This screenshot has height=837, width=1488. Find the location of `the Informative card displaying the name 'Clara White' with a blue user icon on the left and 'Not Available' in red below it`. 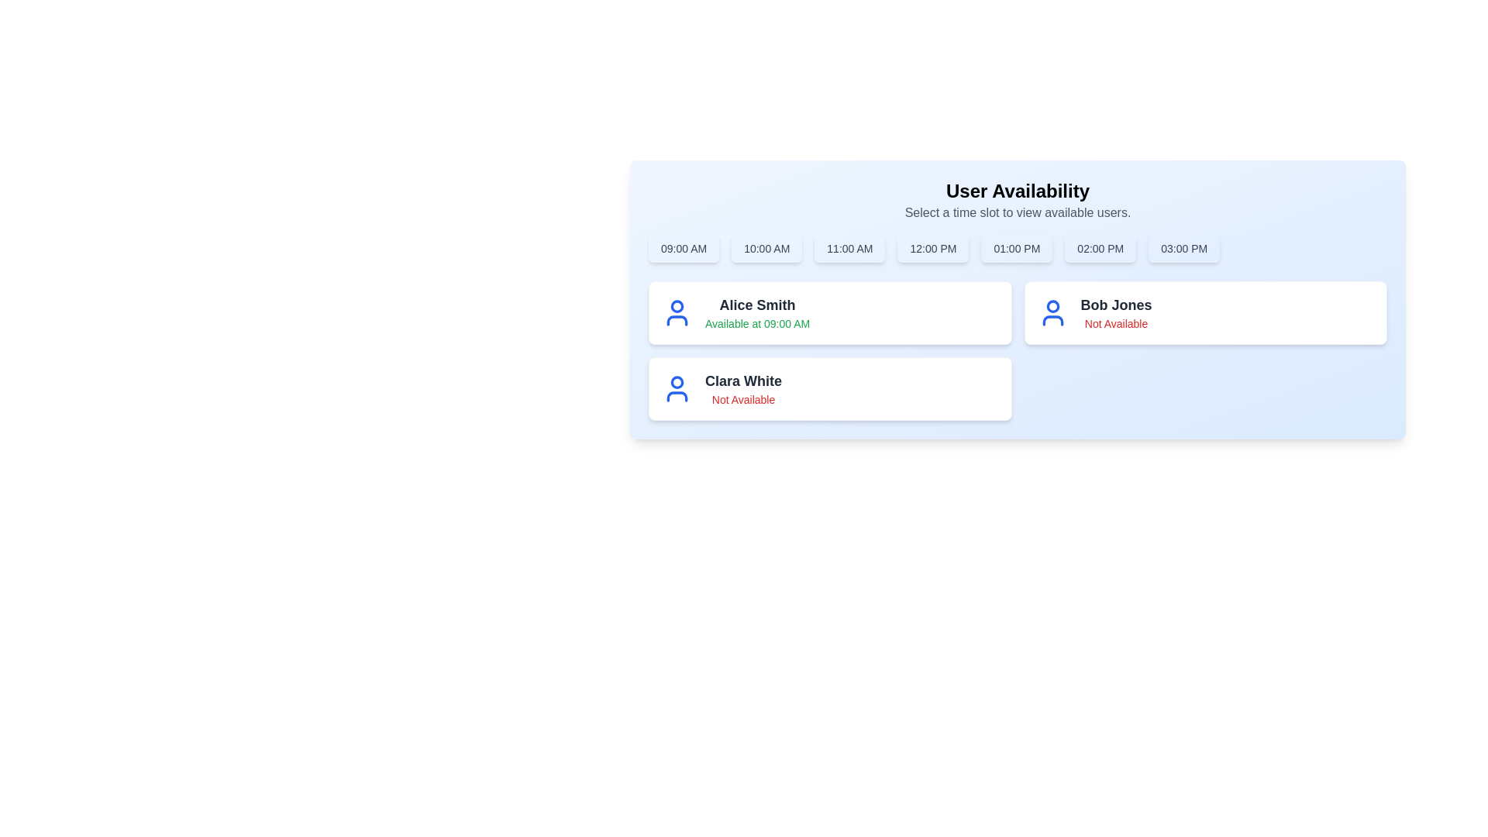

the Informative card displaying the name 'Clara White' with a blue user icon on the left and 'Not Available' in red below it is located at coordinates (829, 387).